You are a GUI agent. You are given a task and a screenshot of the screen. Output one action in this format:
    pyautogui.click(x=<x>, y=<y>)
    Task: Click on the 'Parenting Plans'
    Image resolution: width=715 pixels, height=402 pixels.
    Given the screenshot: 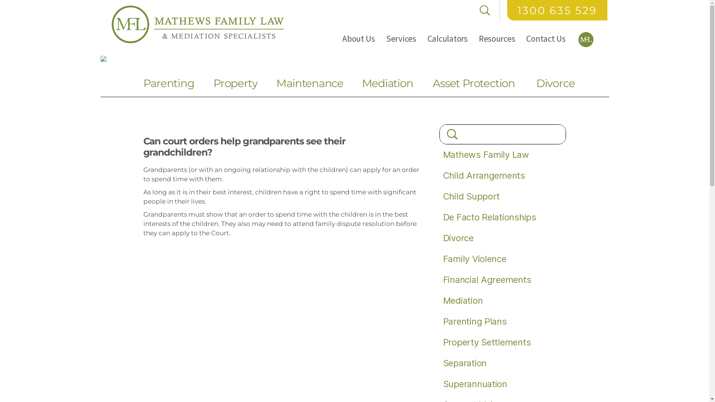 What is the action you would take?
    pyautogui.click(x=443, y=321)
    